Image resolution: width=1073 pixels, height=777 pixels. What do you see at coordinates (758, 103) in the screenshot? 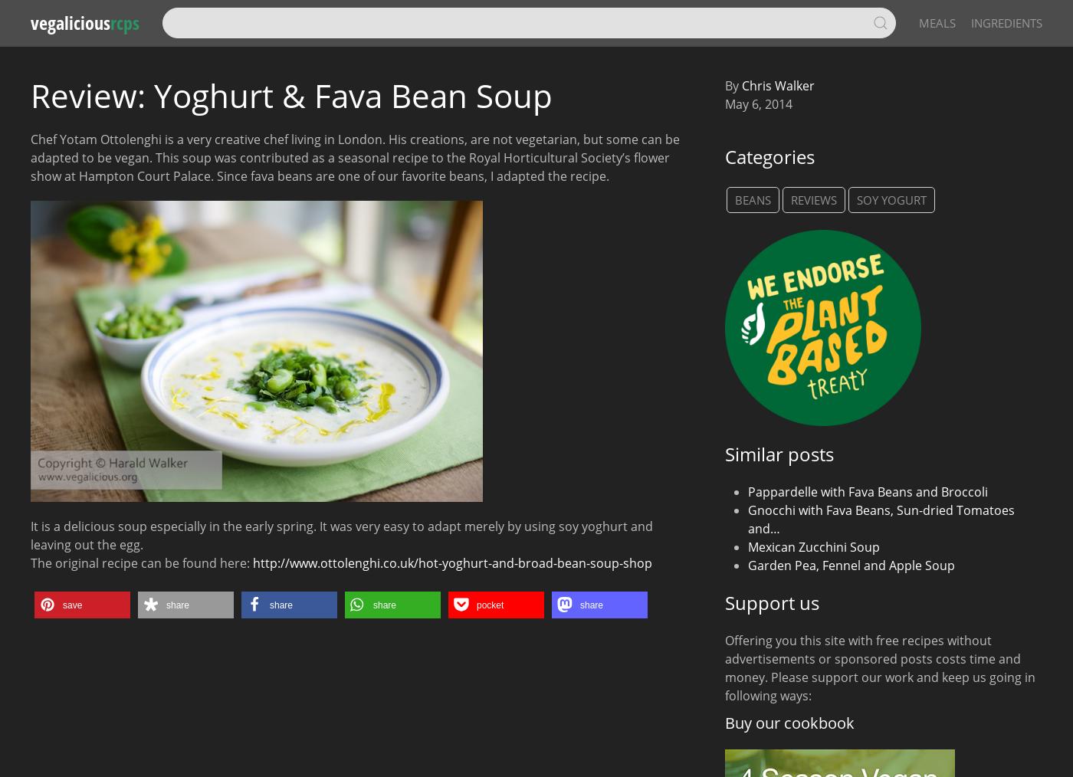
I see `'May 6, 2014'` at bounding box center [758, 103].